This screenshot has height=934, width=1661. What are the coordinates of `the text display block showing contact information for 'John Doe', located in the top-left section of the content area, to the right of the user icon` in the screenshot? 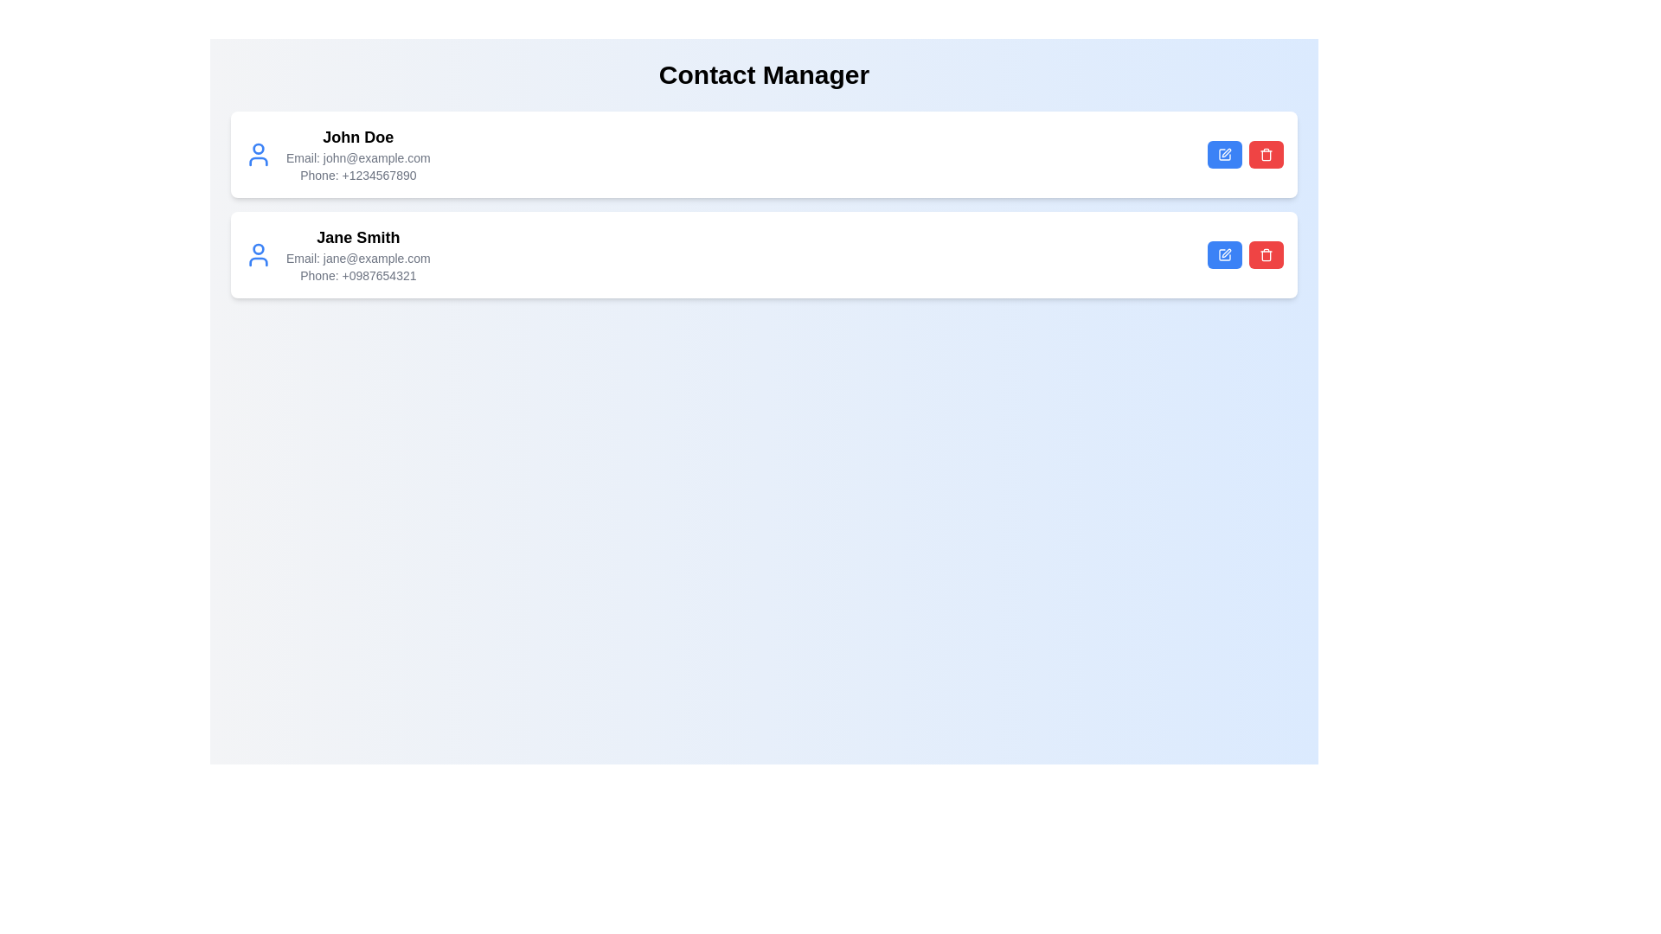 It's located at (357, 153).